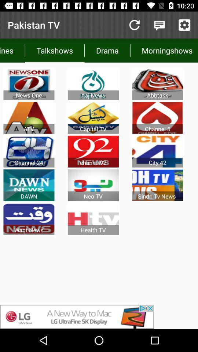  I want to click on settings icon, so click(184, 25).